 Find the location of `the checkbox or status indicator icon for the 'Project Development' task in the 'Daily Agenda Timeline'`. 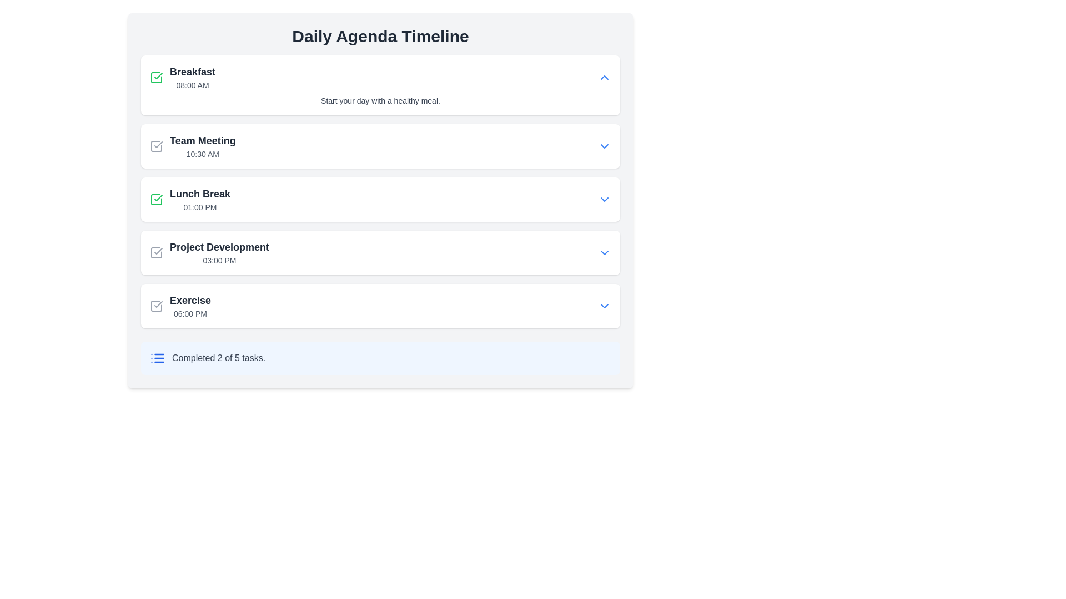

the checkbox or status indicator icon for the 'Project Development' task in the 'Daily Agenda Timeline' is located at coordinates (156, 252).